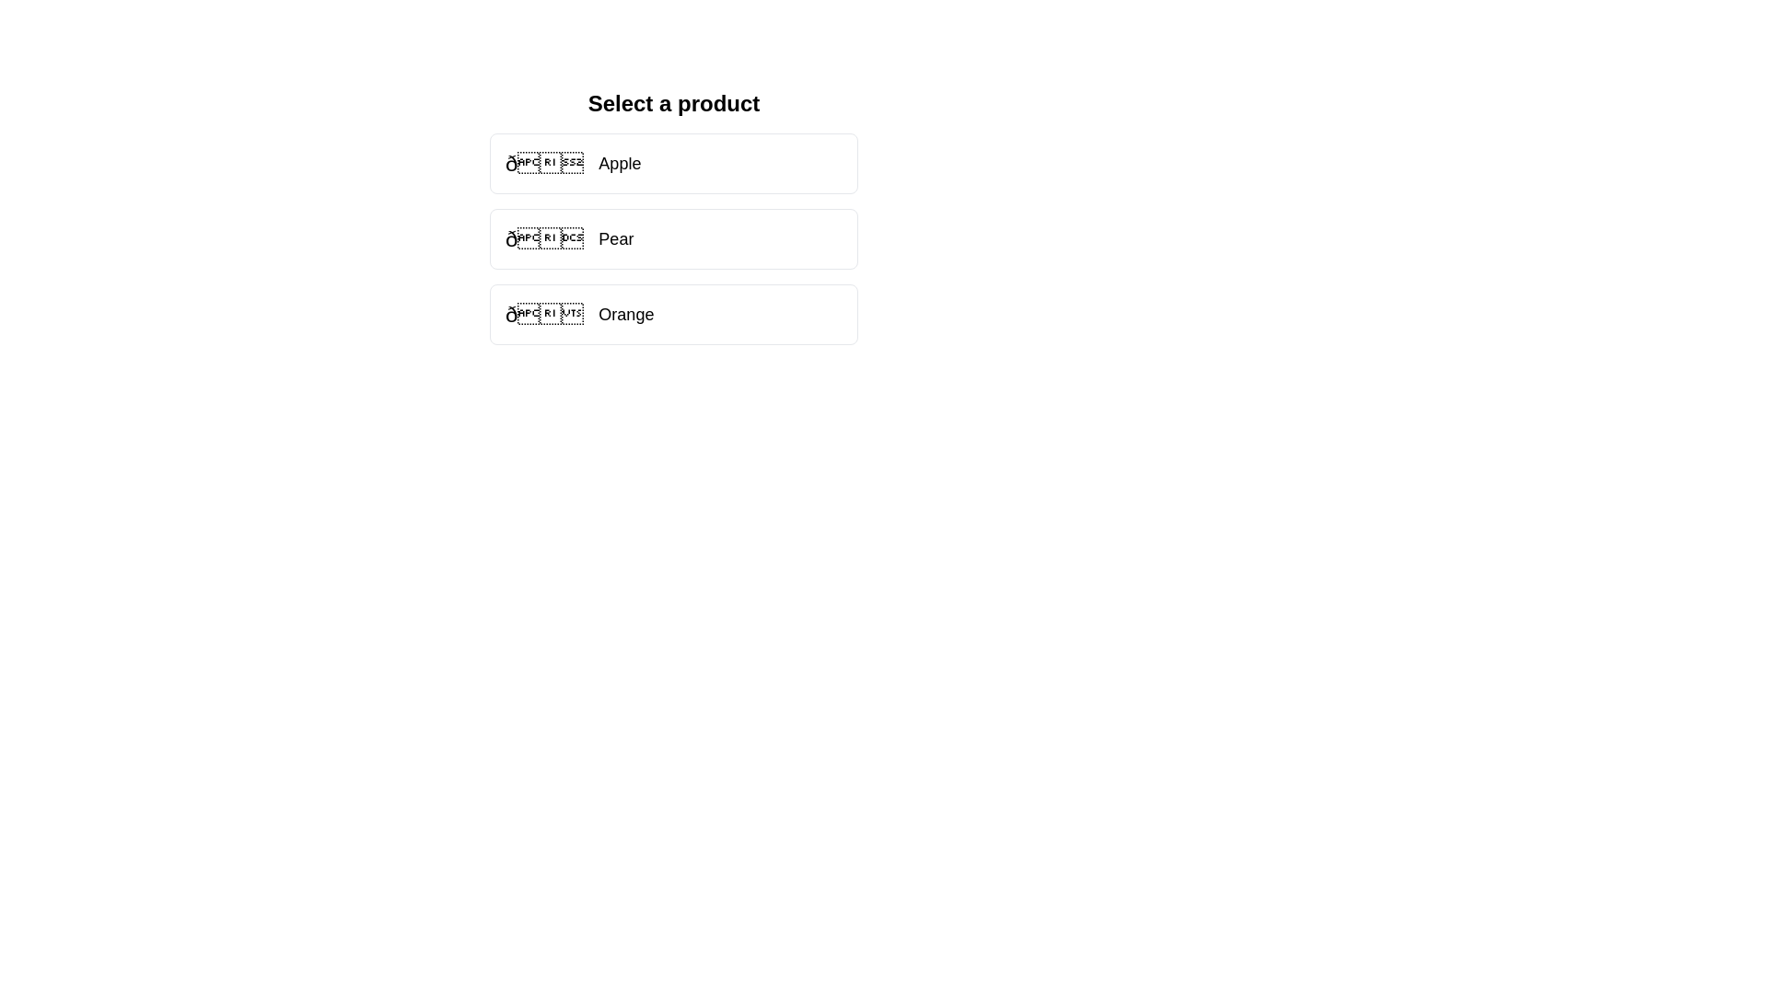 The image size is (1768, 994). I want to click on the text label for the 'Pear' product, which is positioned to the right of the pear emoji in the second row of options, so click(616, 237).